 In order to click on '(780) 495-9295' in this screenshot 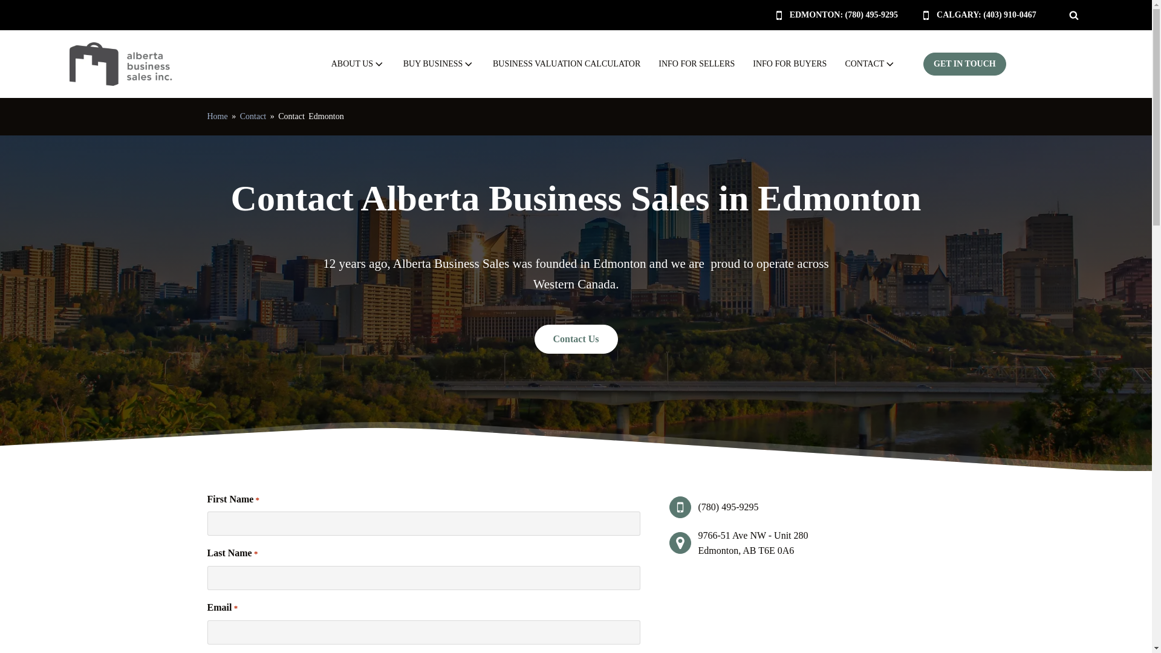, I will do `click(697, 507)`.